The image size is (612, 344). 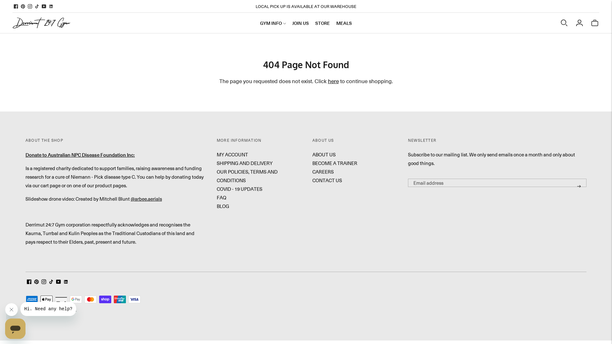 What do you see at coordinates (239, 189) in the screenshot?
I see `'COVID - 19 UPDATES'` at bounding box center [239, 189].